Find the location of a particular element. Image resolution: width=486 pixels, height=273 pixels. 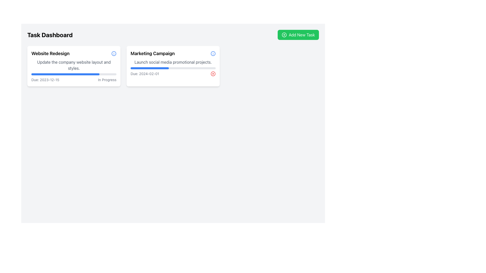

the plus sign icon within a circle, which is located at the top-right corner of the green button labeled 'Add New Task' is located at coordinates (284, 35).